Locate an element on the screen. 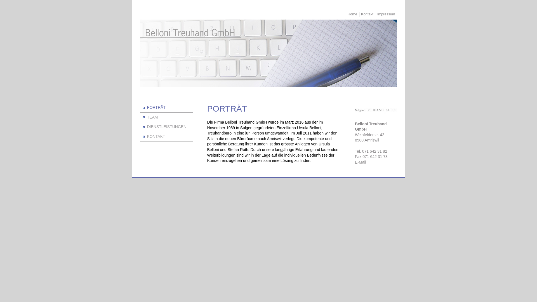 This screenshot has height=302, width=537. 'Belloni Treuhand GmbH' is located at coordinates (190, 33).